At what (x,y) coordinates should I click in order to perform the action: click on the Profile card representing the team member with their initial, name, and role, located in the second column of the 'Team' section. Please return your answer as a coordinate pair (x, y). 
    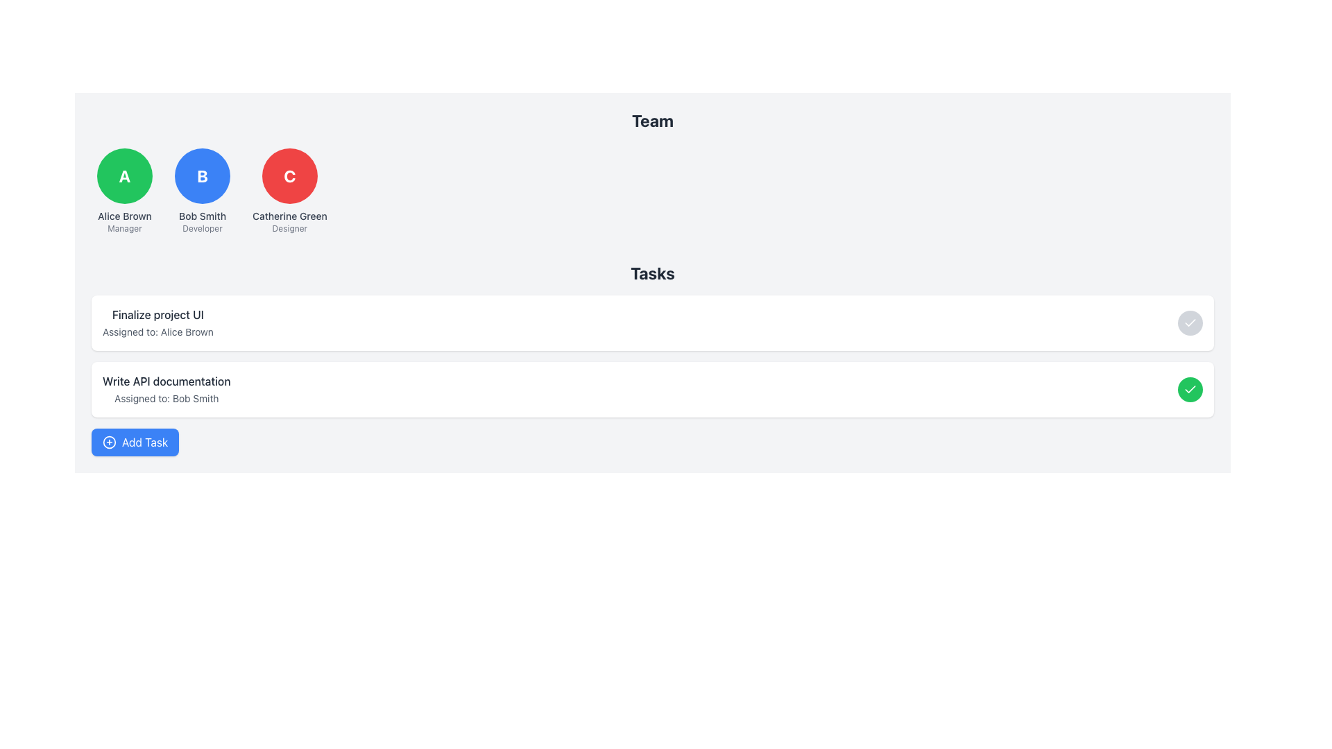
    Looking at the image, I should click on (202, 191).